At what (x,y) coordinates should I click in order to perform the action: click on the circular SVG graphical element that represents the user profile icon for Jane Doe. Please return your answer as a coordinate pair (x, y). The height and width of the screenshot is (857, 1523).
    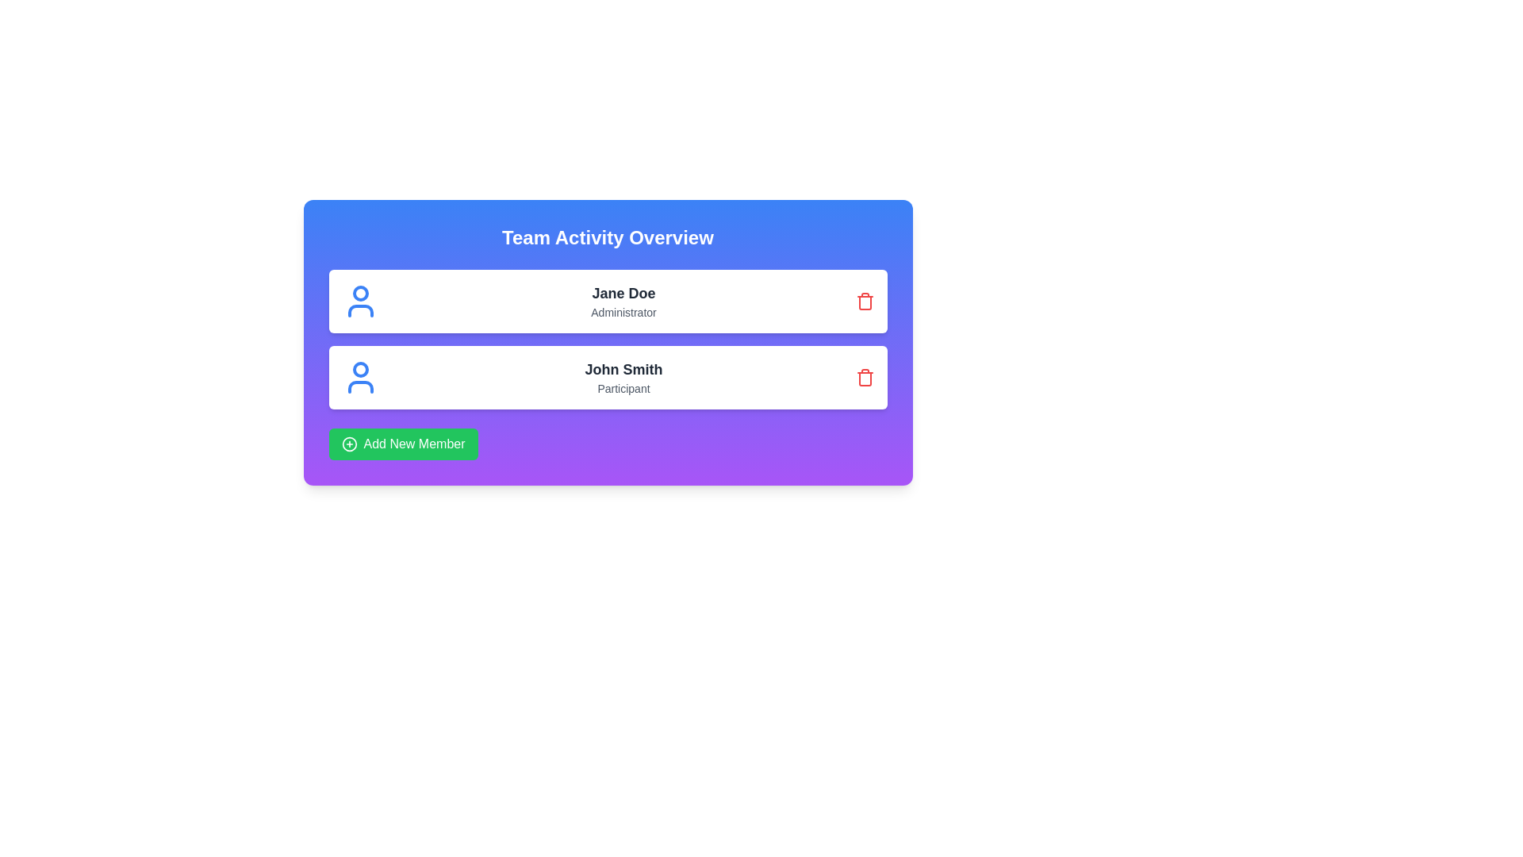
    Looking at the image, I should click on (359, 294).